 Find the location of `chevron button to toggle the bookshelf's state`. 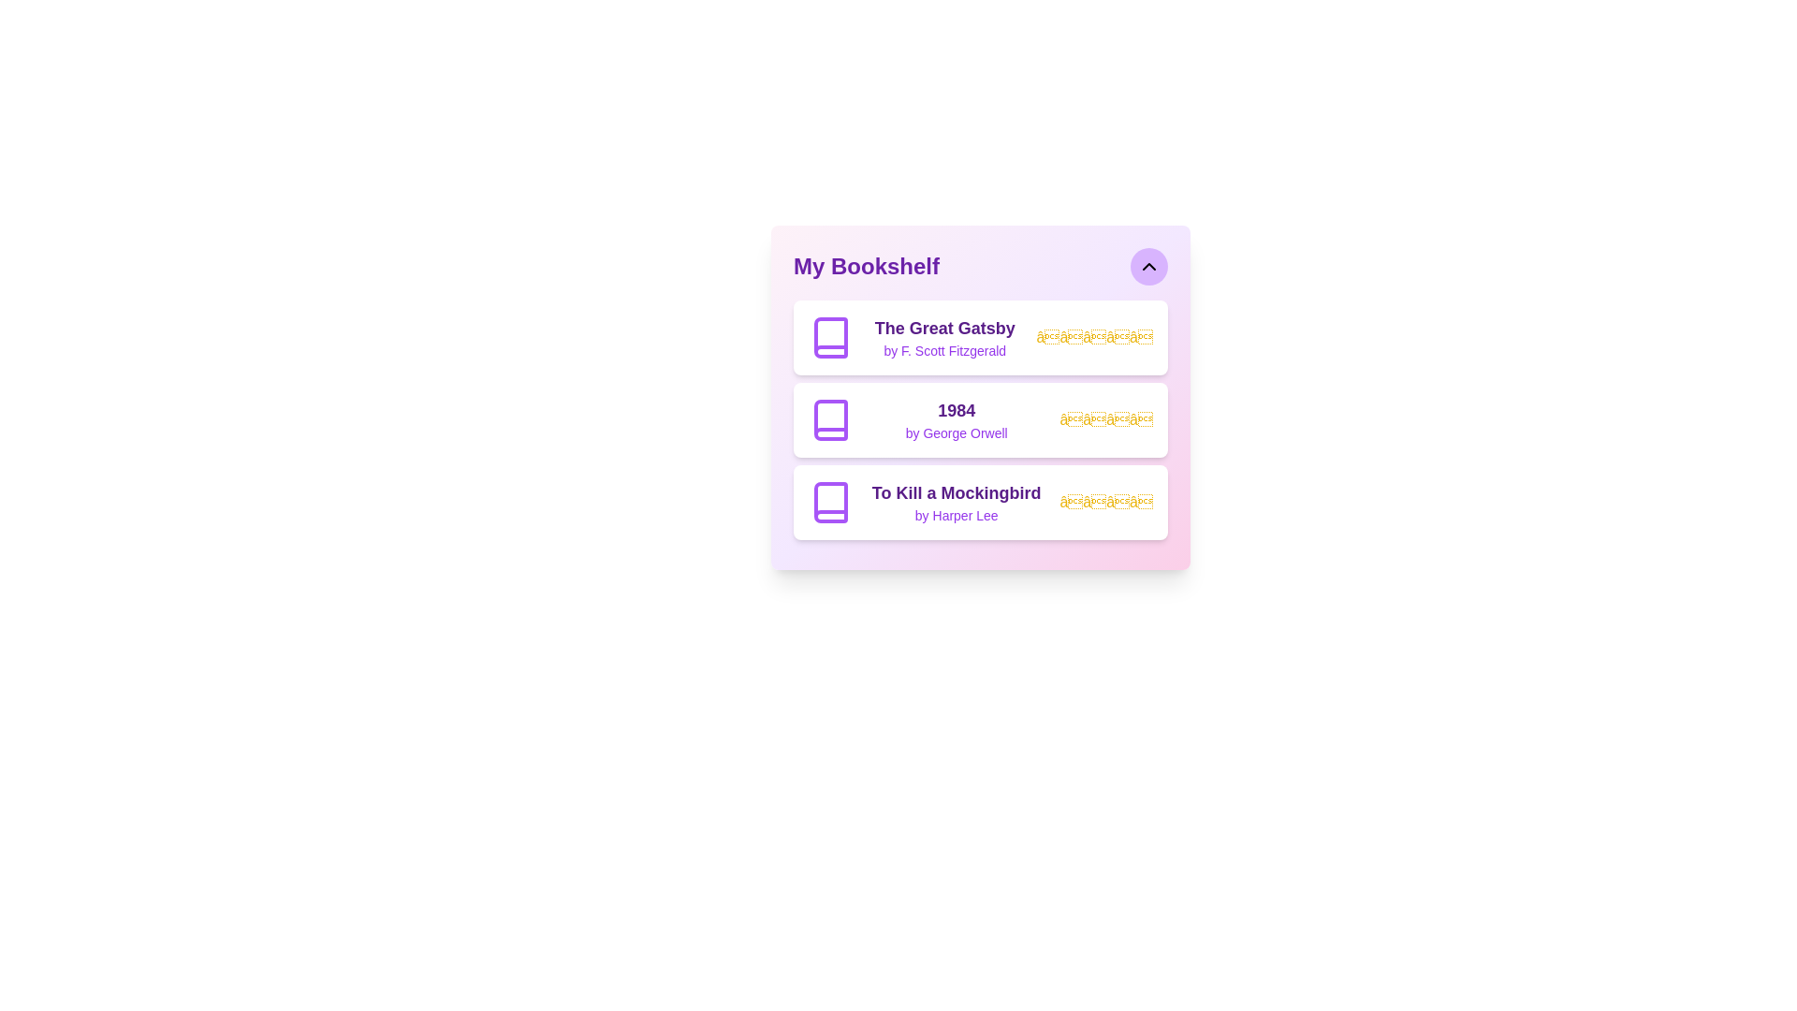

chevron button to toggle the bookshelf's state is located at coordinates (1148, 267).